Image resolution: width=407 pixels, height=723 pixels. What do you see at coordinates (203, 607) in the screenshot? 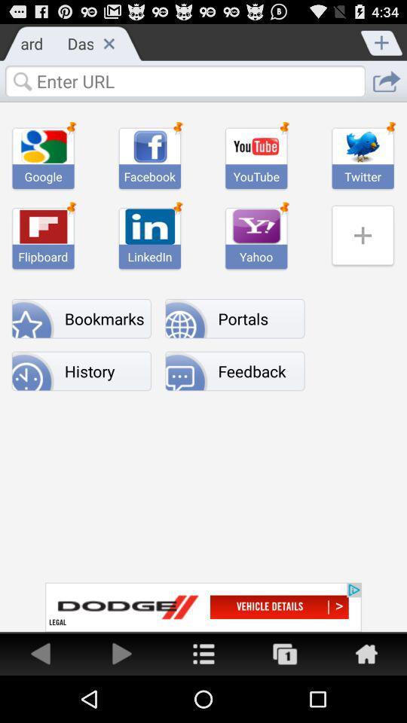
I see `advertising` at bounding box center [203, 607].